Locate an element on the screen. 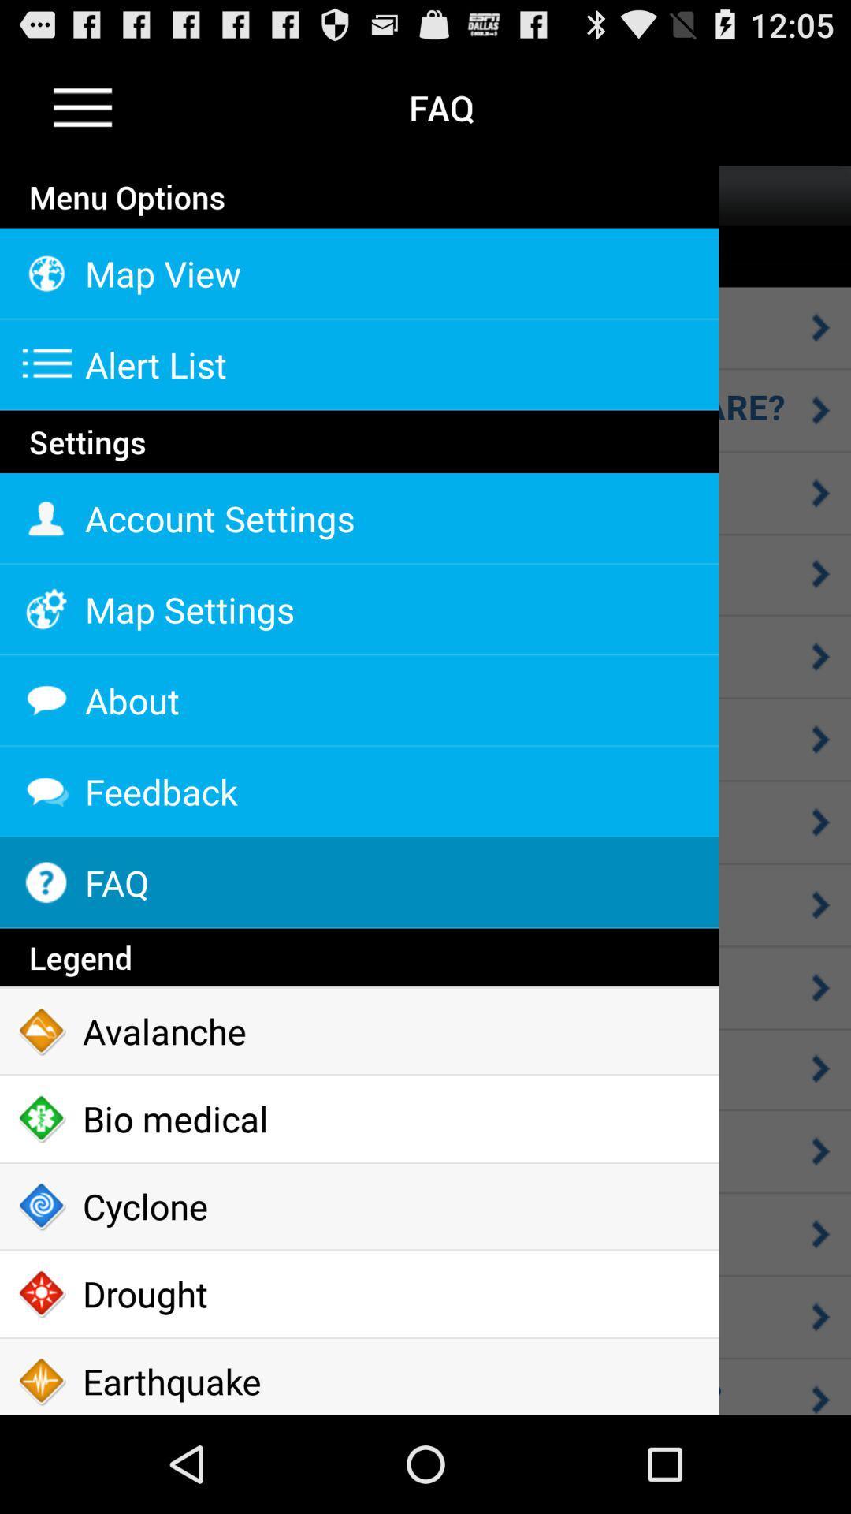 Image resolution: width=851 pixels, height=1514 pixels. legend item is located at coordinates (359, 957).